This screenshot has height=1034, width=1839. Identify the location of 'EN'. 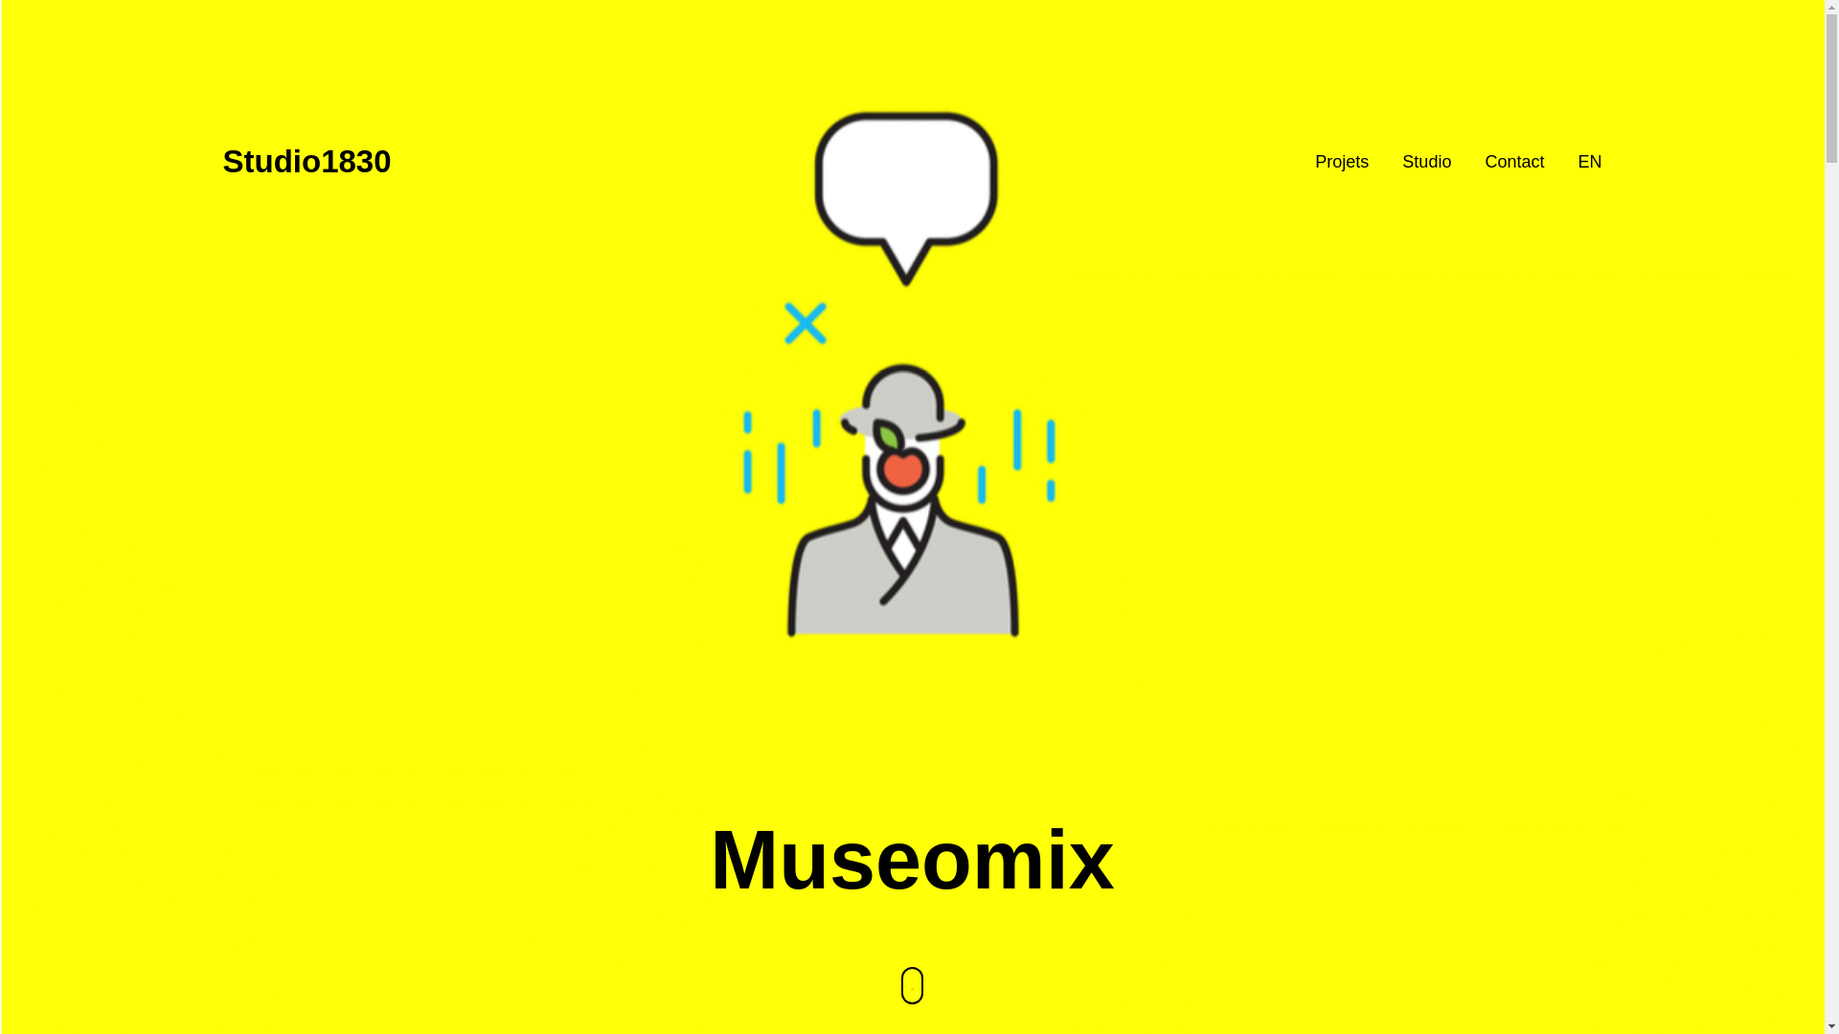
(1589, 160).